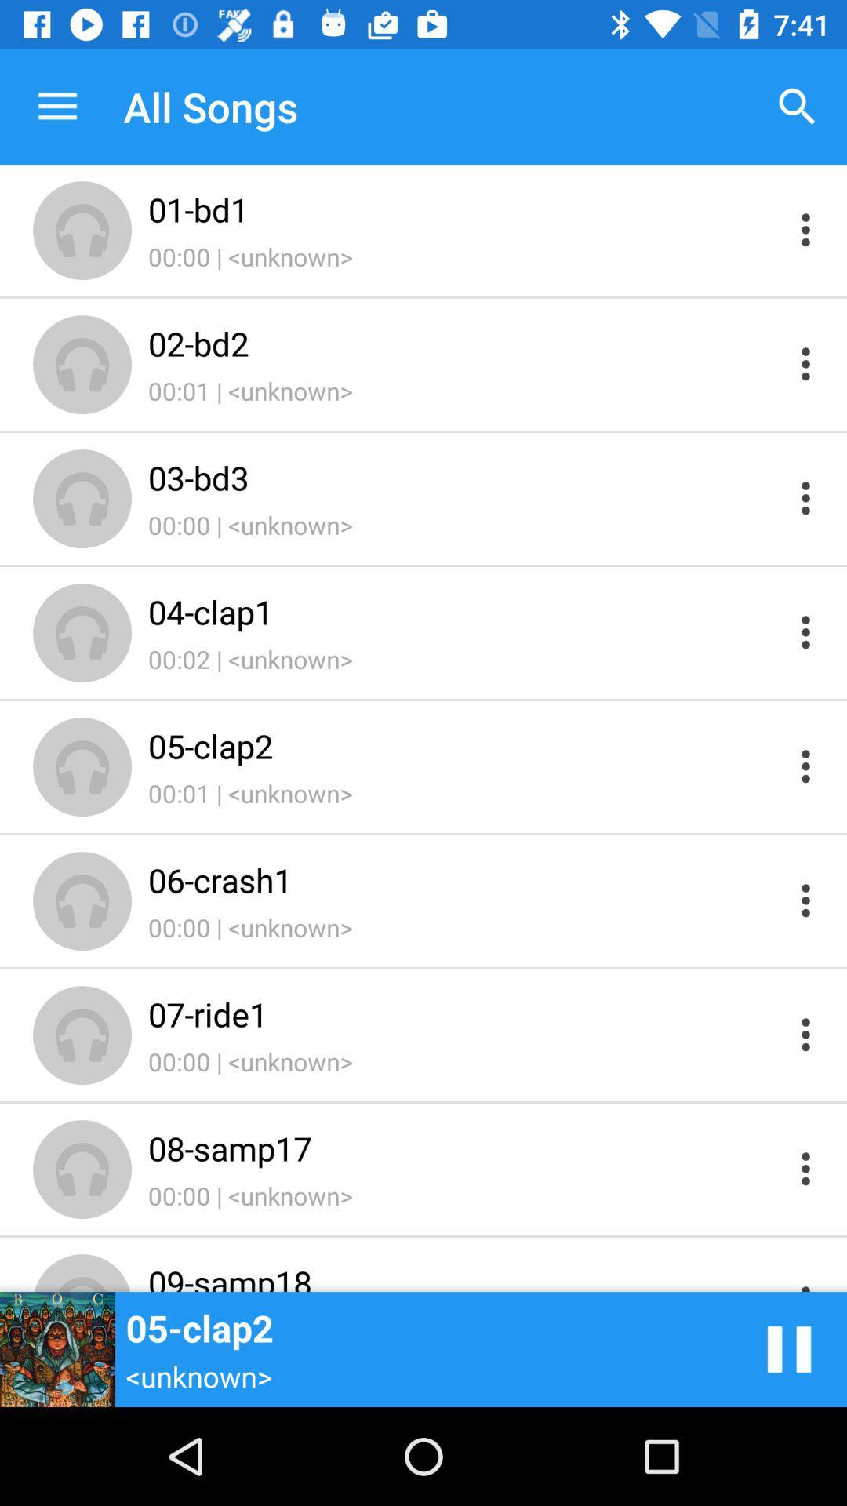 The height and width of the screenshot is (1506, 847). I want to click on the item above 00:02 | <unknown>, so click(463, 610).